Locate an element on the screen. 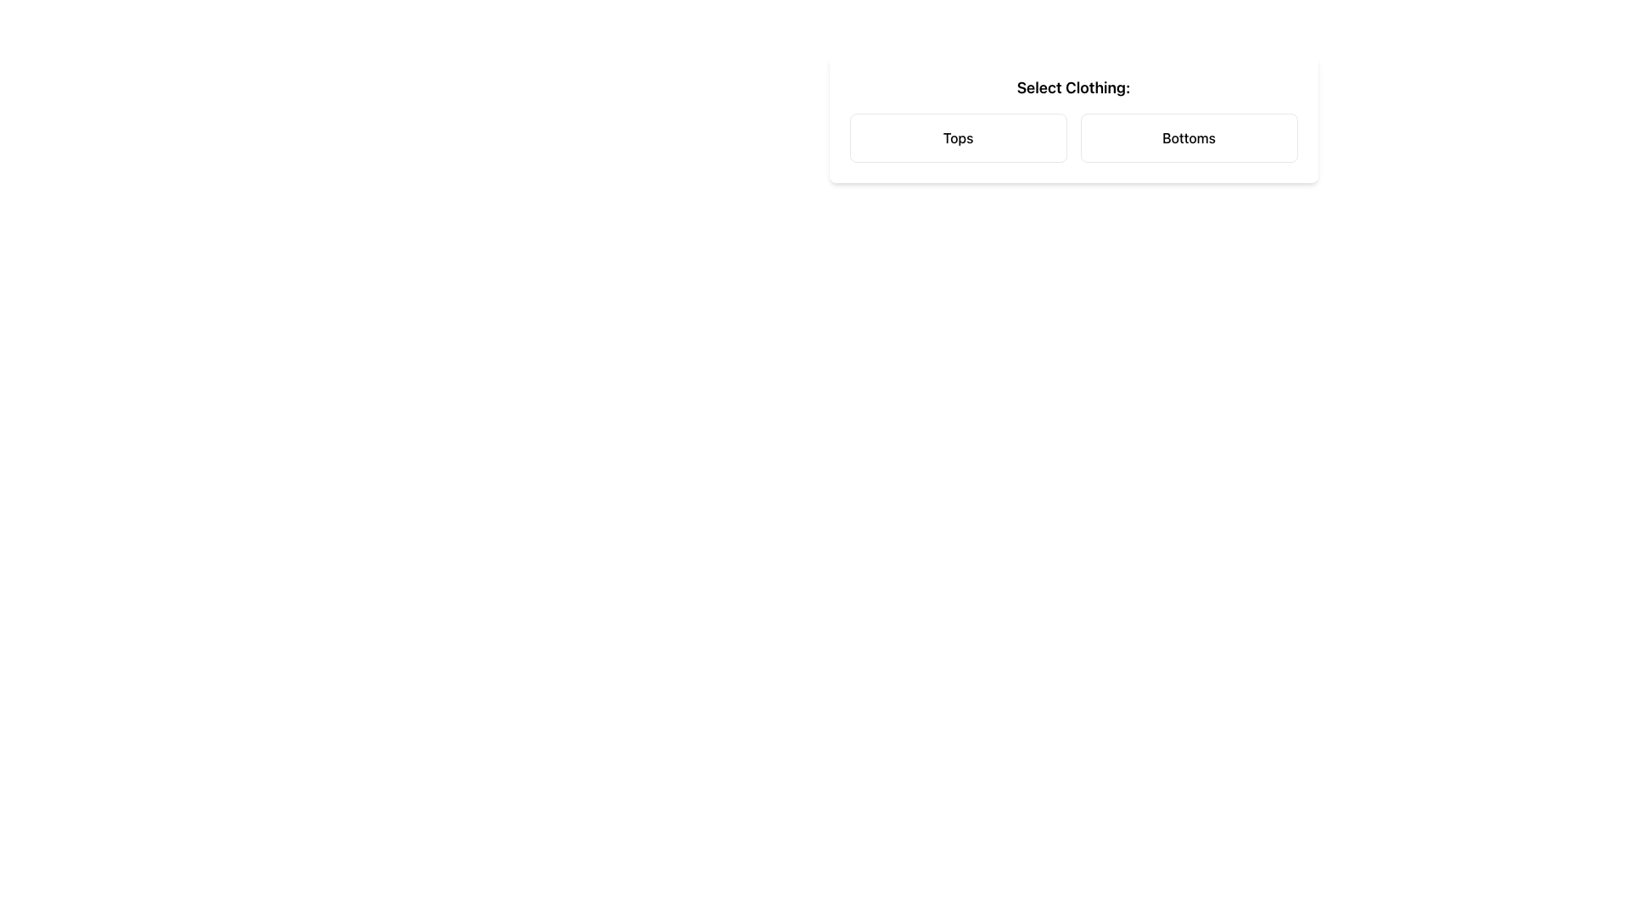  the 'Tops' and 'Bottoms' sections in the selection interface for preview effects is located at coordinates (1072, 137).